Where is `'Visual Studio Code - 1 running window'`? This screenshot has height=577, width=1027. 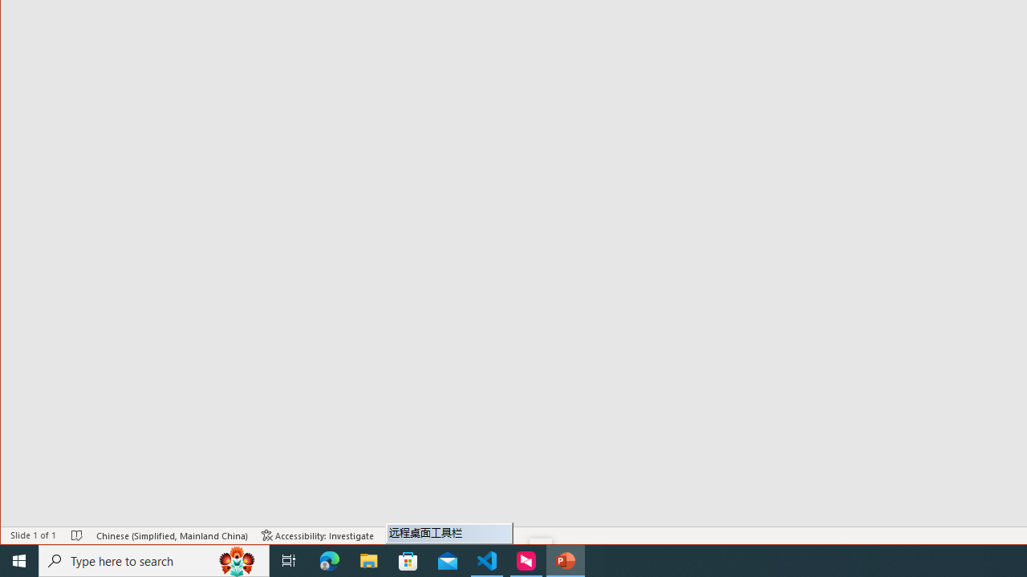
'Visual Studio Code - 1 running window' is located at coordinates (486, 559).